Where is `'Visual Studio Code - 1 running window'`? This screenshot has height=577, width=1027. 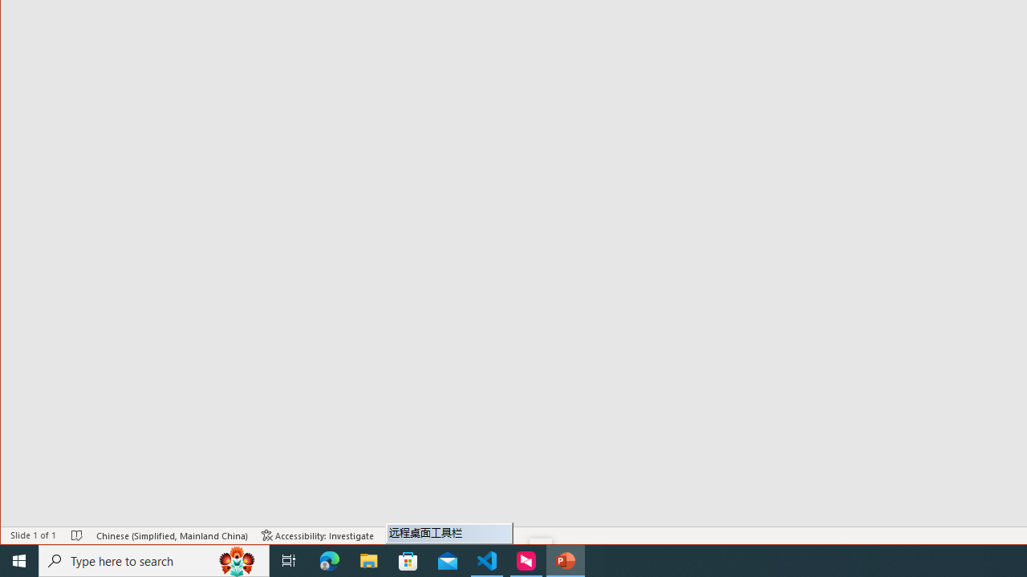
'Visual Studio Code - 1 running window' is located at coordinates (486, 559).